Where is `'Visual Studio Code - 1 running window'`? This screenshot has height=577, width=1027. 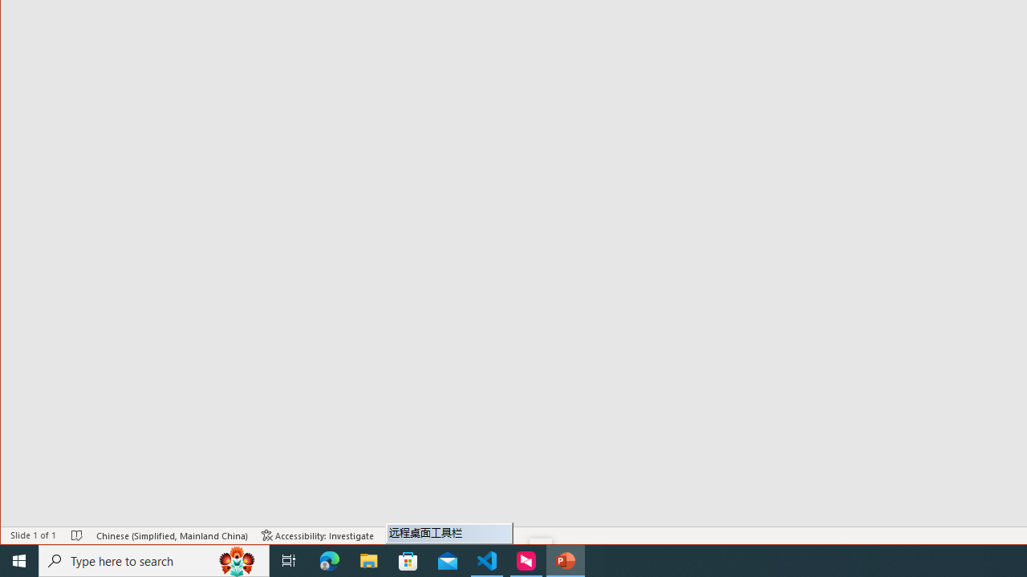
'Visual Studio Code - 1 running window' is located at coordinates (486, 559).